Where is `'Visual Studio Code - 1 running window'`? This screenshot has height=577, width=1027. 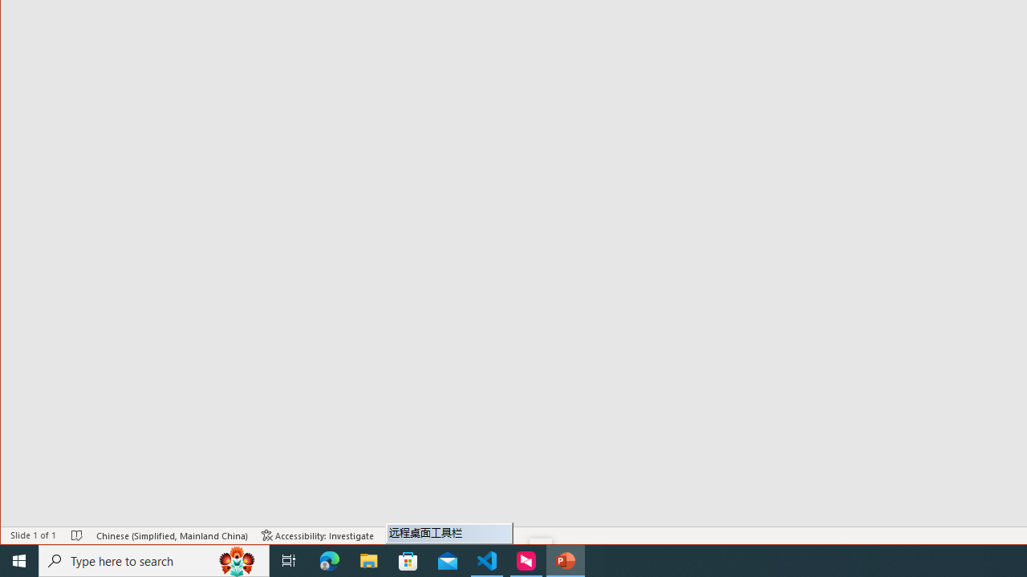
'Visual Studio Code - 1 running window' is located at coordinates (486, 559).